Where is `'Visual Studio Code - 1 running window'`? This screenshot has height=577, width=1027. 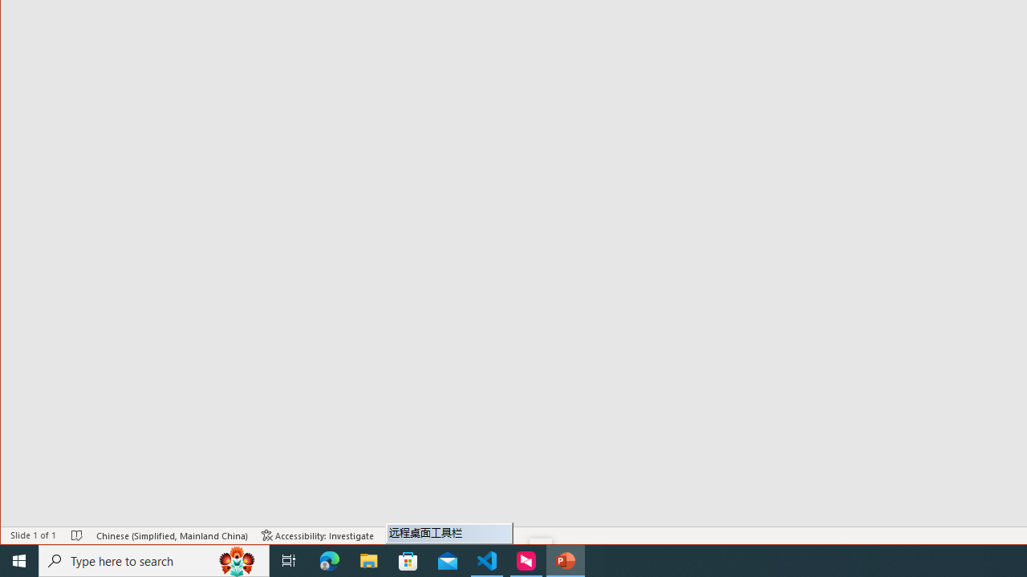
'Visual Studio Code - 1 running window' is located at coordinates (486, 559).